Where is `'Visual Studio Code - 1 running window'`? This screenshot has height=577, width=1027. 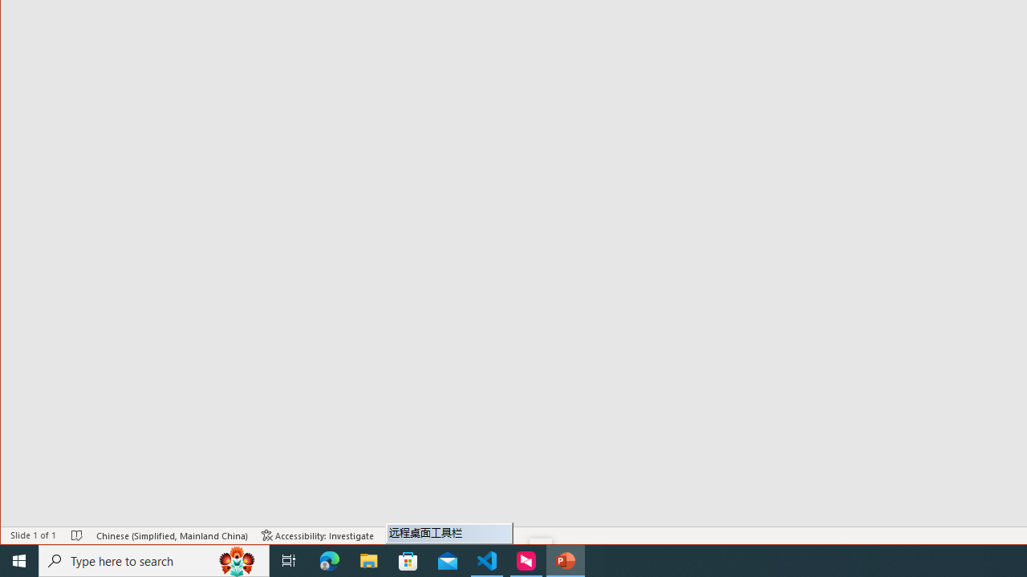
'Visual Studio Code - 1 running window' is located at coordinates (486, 559).